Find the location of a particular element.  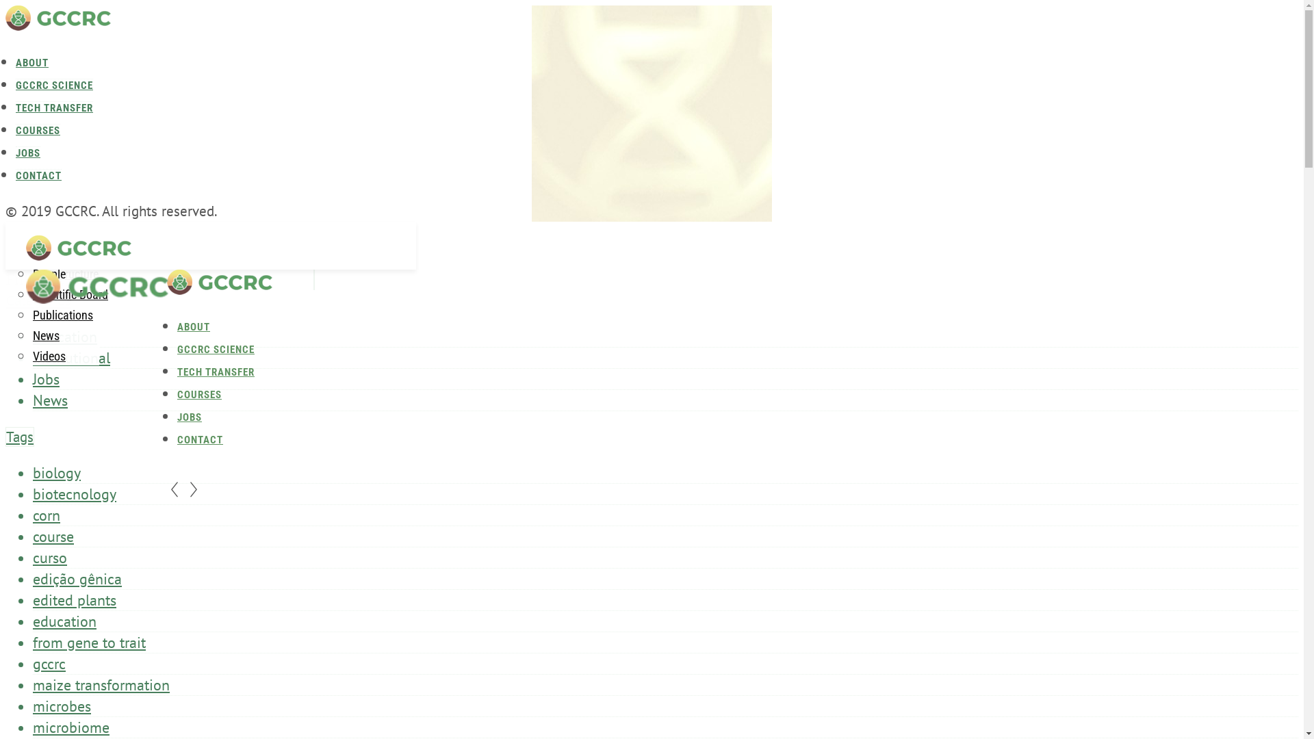

'Home' is located at coordinates (26, 255).